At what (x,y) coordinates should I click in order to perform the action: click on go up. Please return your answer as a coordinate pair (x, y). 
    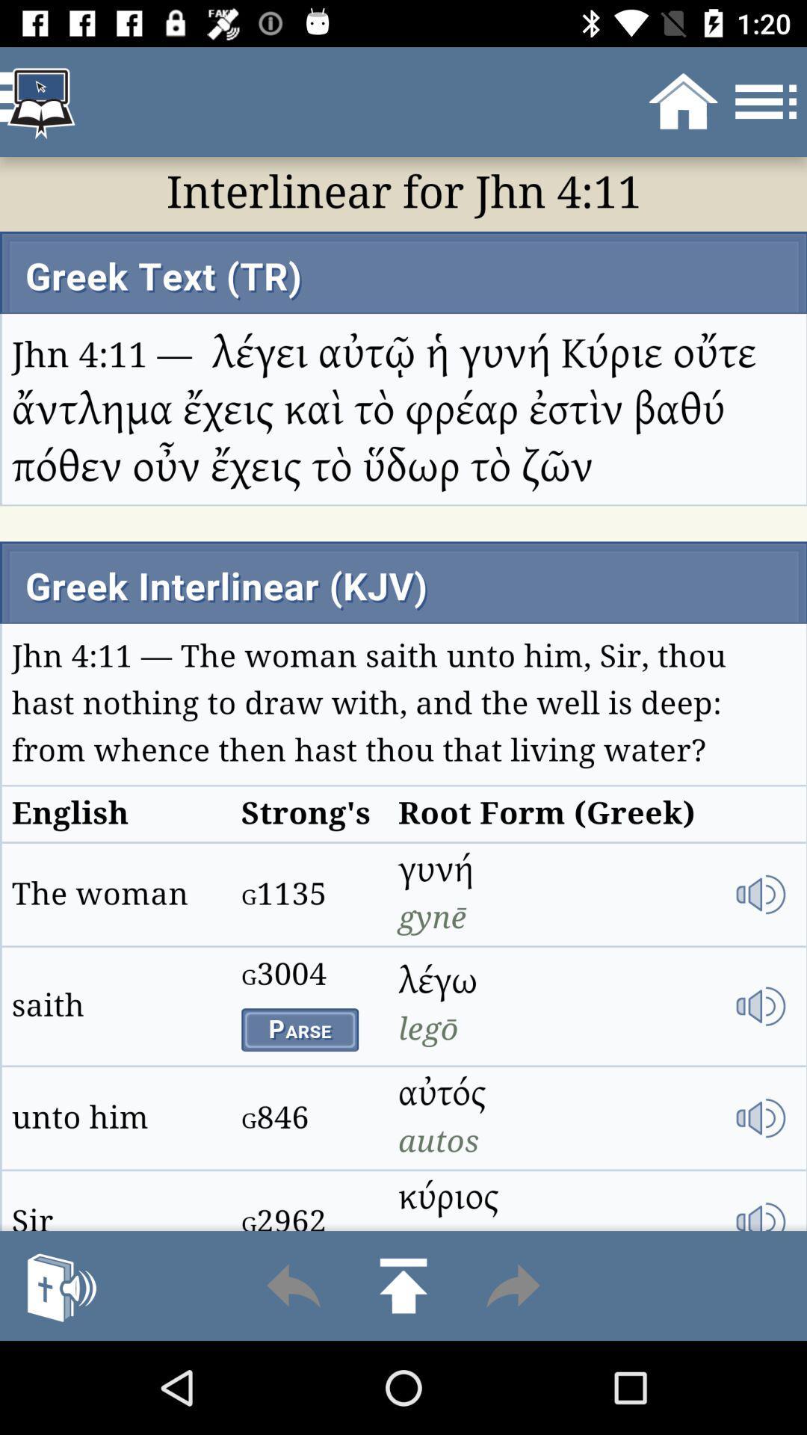
    Looking at the image, I should click on (403, 1285).